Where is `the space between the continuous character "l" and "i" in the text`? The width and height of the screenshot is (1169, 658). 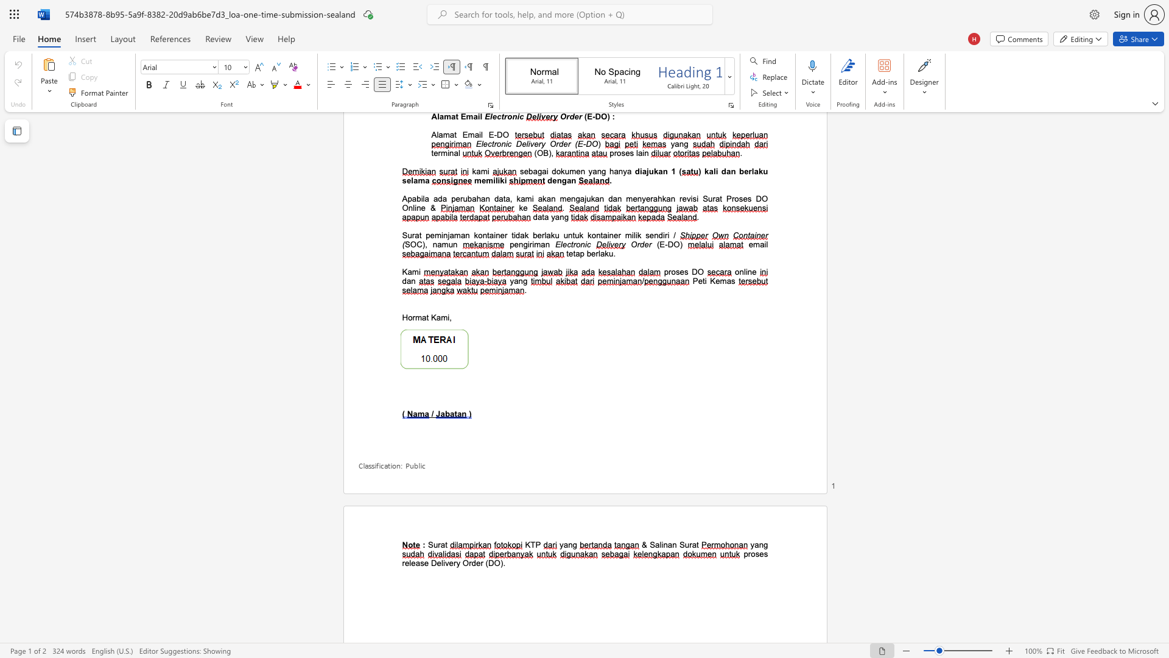 the space between the continuous character "l" and "i" in the text is located at coordinates (661, 544).